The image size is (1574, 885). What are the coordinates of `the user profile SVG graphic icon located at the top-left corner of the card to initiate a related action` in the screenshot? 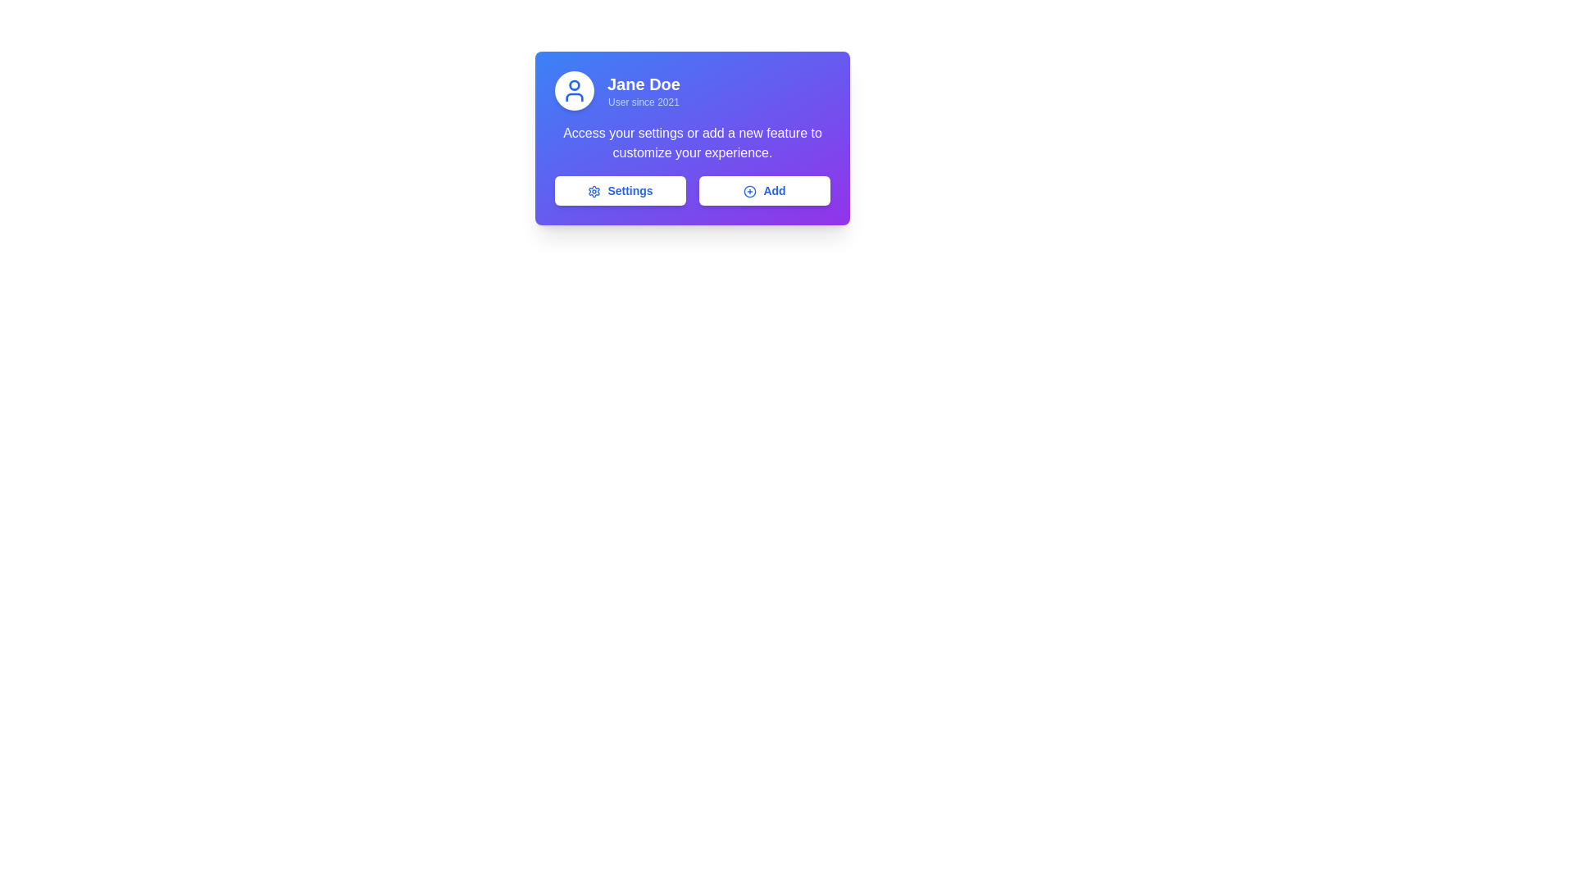 It's located at (574, 91).